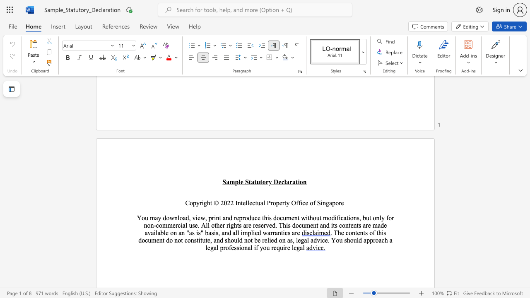  What do you see at coordinates (286, 181) in the screenshot?
I see `the subset text "aration" within the text "Sample Statutory Declaration"` at bounding box center [286, 181].